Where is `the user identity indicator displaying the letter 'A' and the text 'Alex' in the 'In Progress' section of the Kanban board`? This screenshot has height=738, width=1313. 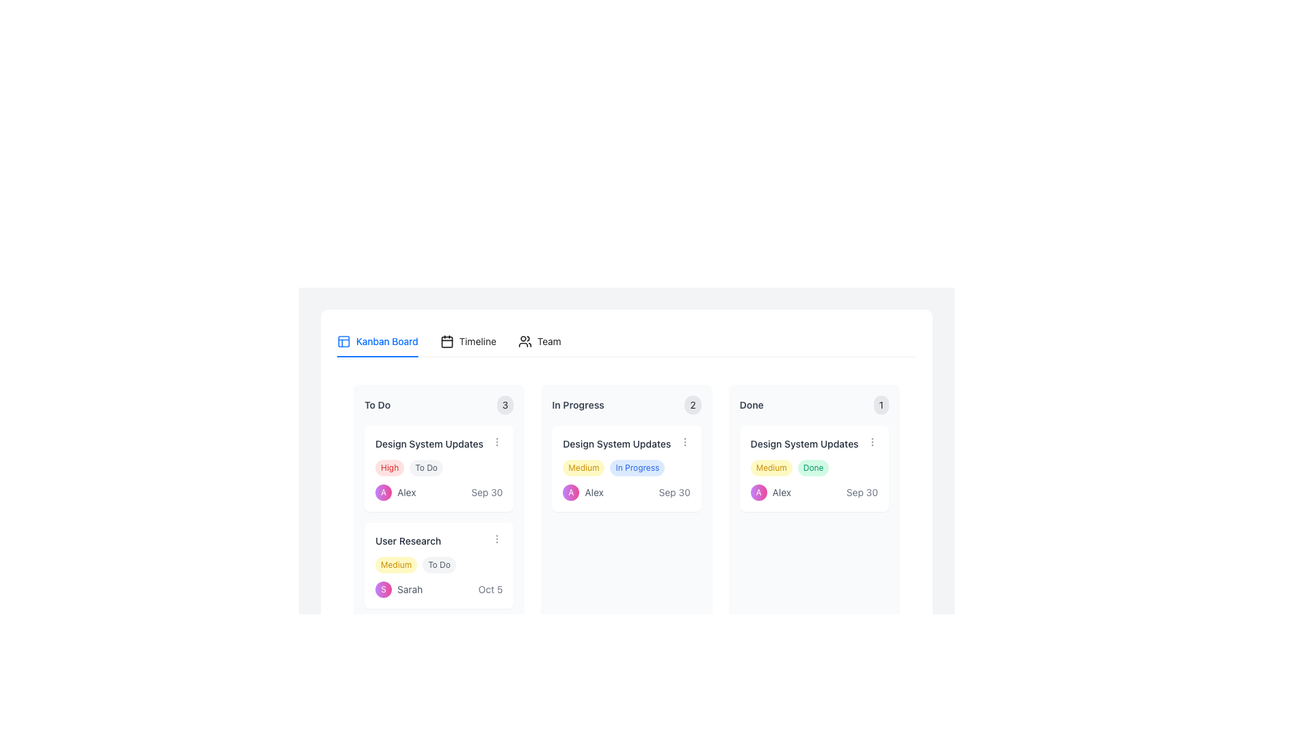
the user identity indicator displaying the letter 'A' and the text 'Alex' in the 'In Progress' section of the Kanban board is located at coordinates (583, 493).